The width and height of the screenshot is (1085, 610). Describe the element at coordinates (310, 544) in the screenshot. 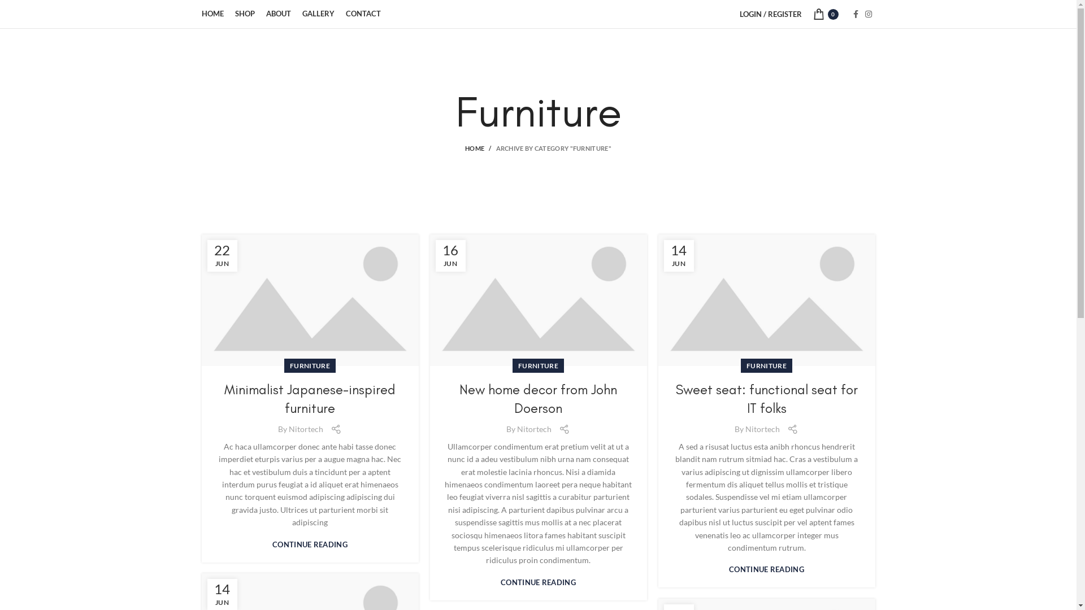

I see `'CONTINUE READING'` at that location.